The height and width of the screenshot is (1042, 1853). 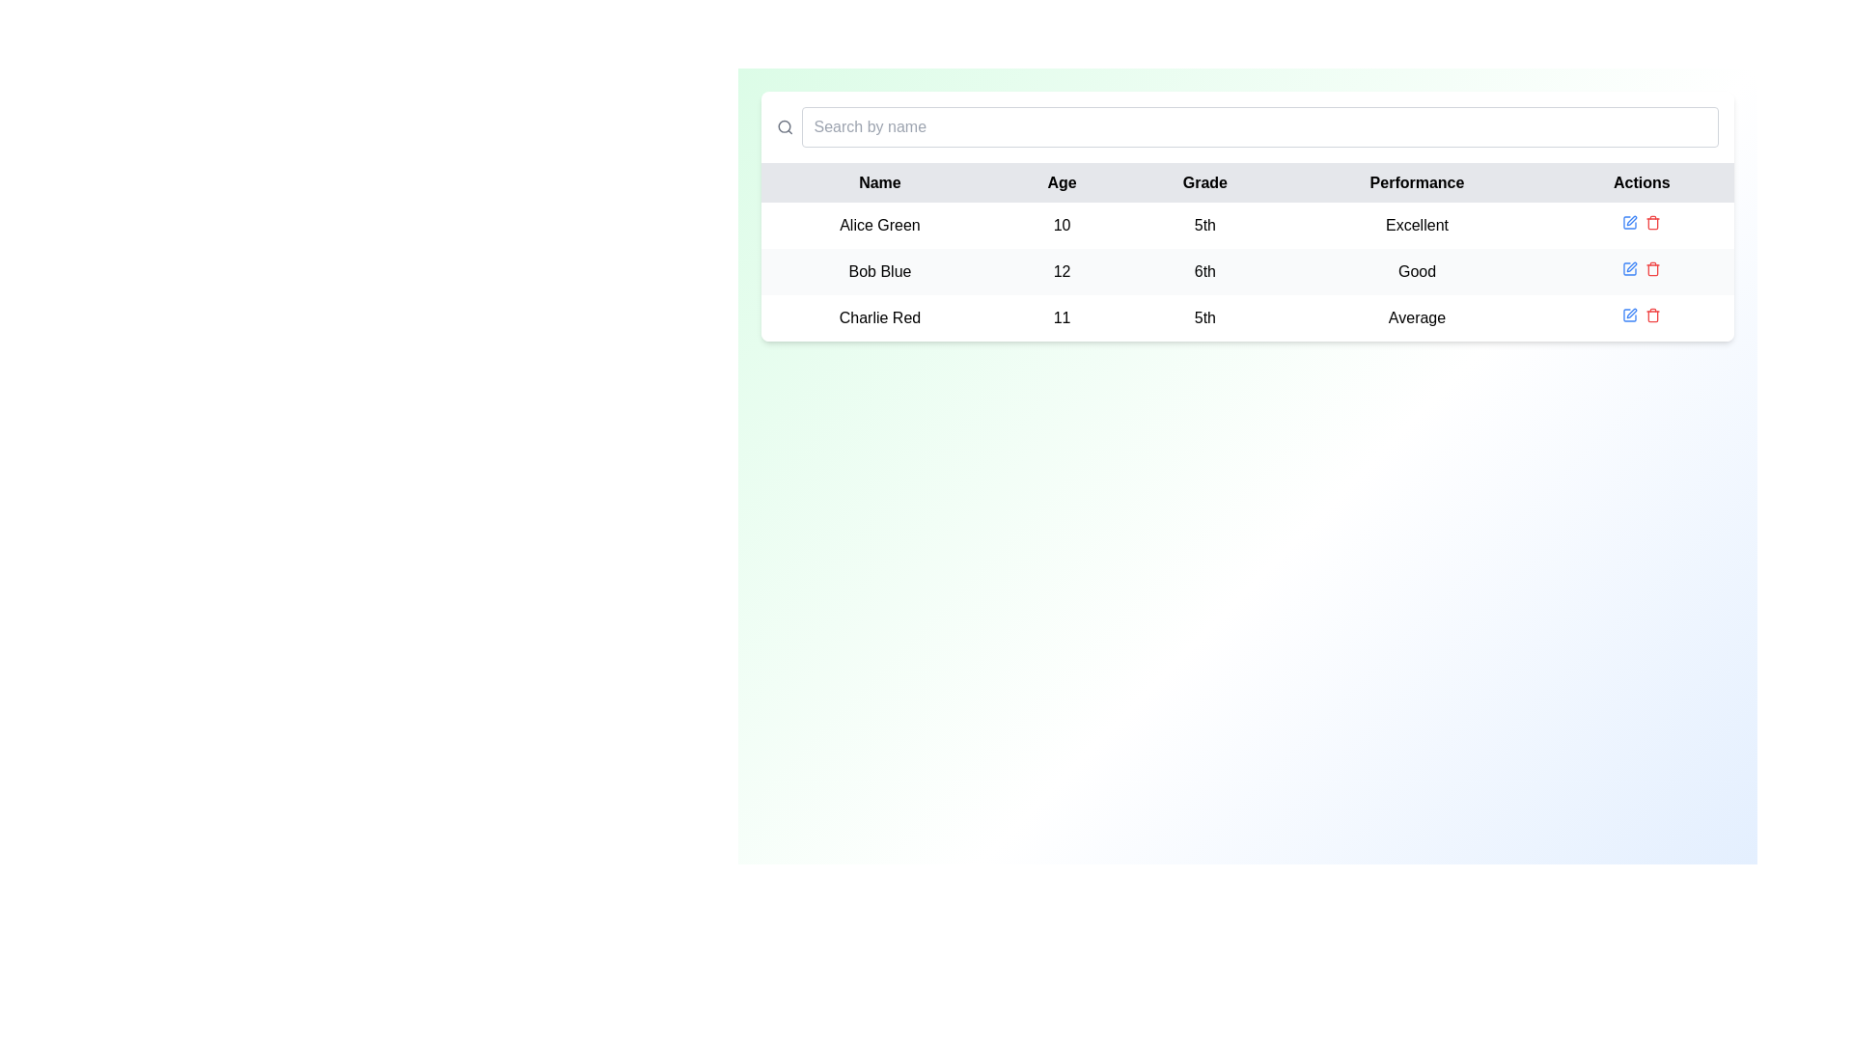 I want to click on the table header labeled 'Performance' which is styled with a light gray background and located in the fourth column of the table, centered between 'Grade' and 'Actions', so click(x=1417, y=182).